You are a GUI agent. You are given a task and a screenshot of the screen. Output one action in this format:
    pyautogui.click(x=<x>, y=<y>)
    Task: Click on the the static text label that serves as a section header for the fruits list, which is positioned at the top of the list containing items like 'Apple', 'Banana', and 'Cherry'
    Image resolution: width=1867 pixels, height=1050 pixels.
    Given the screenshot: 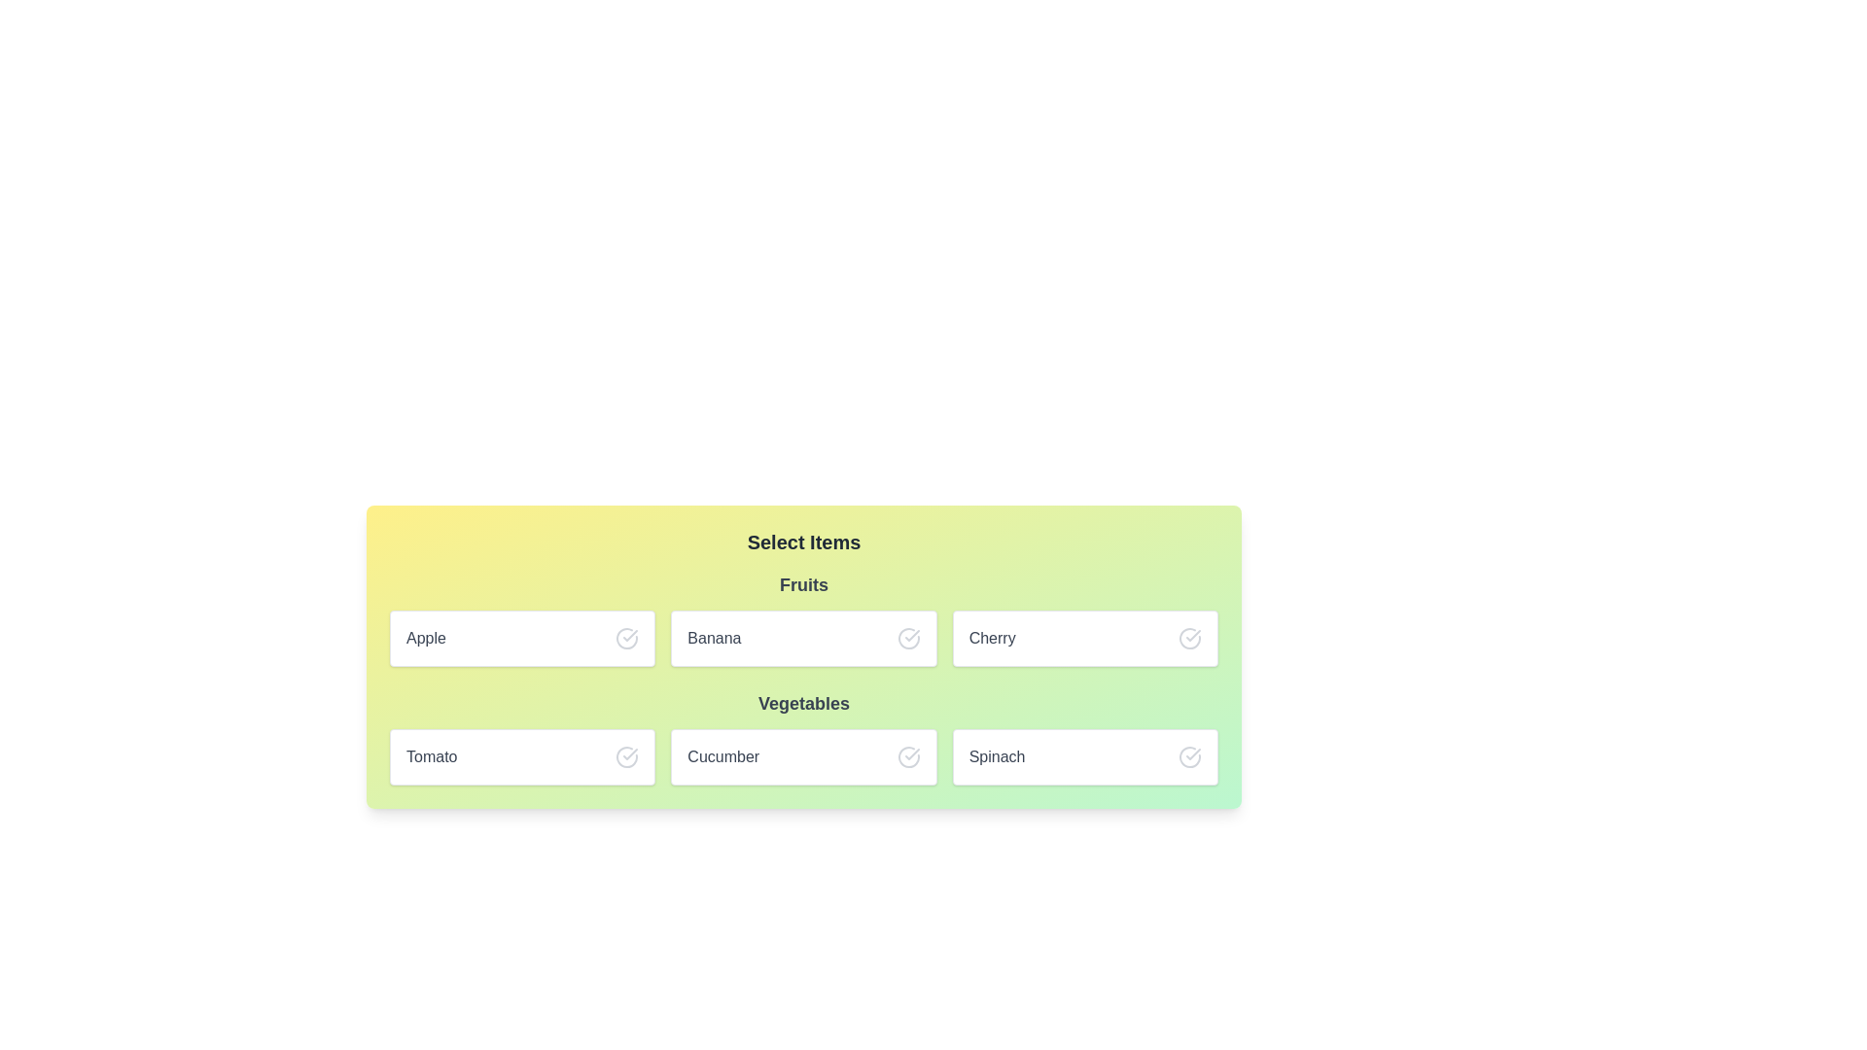 What is the action you would take?
    pyautogui.click(x=803, y=583)
    